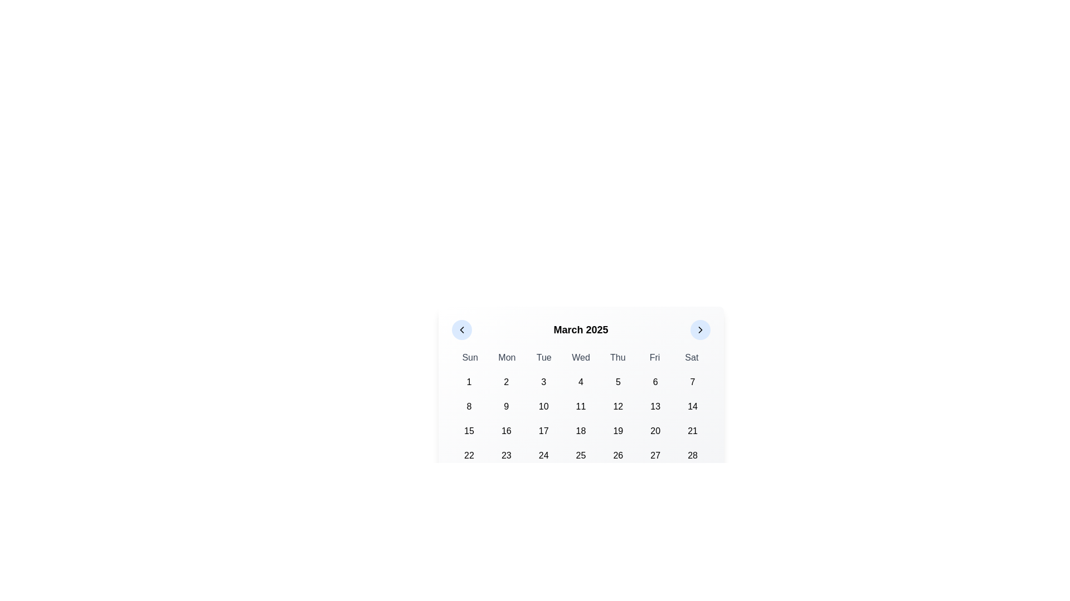 The width and height of the screenshot is (1070, 601). What do you see at coordinates (580, 381) in the screenshot?
I see `the selectable day button in the calendar interface` at bounding box center [580, 381].